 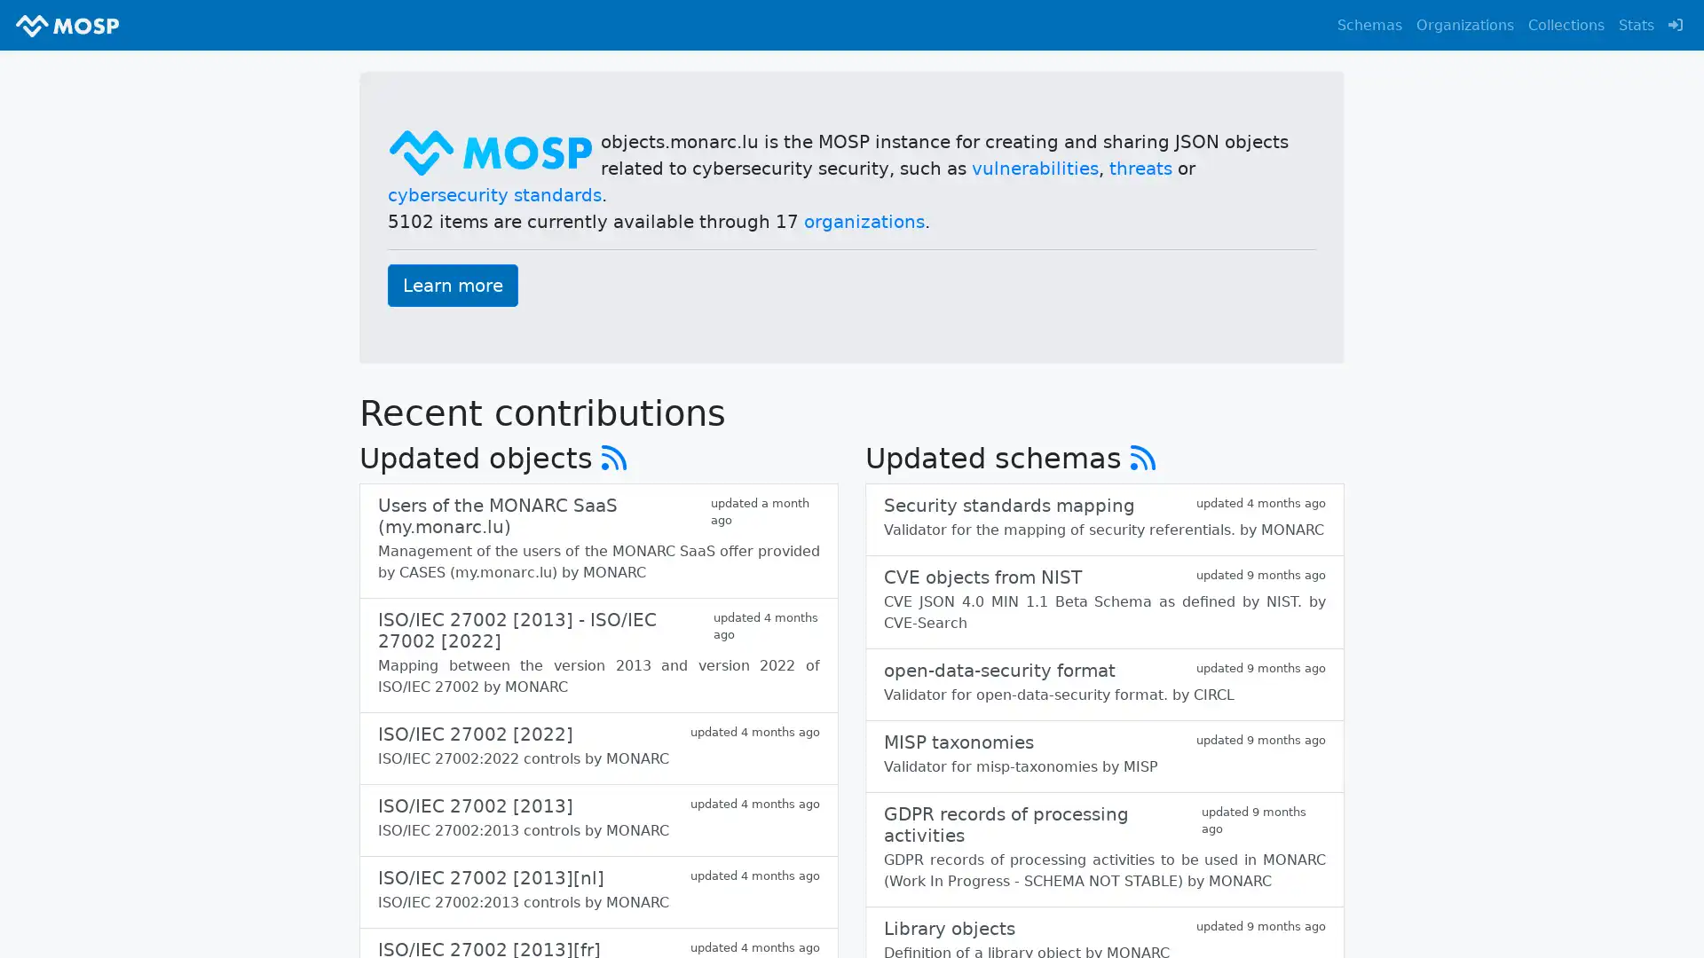 What do you see at coordinates (453, 284) in the screenshot?
I see `Learn more` at bounding box center [453, 284].